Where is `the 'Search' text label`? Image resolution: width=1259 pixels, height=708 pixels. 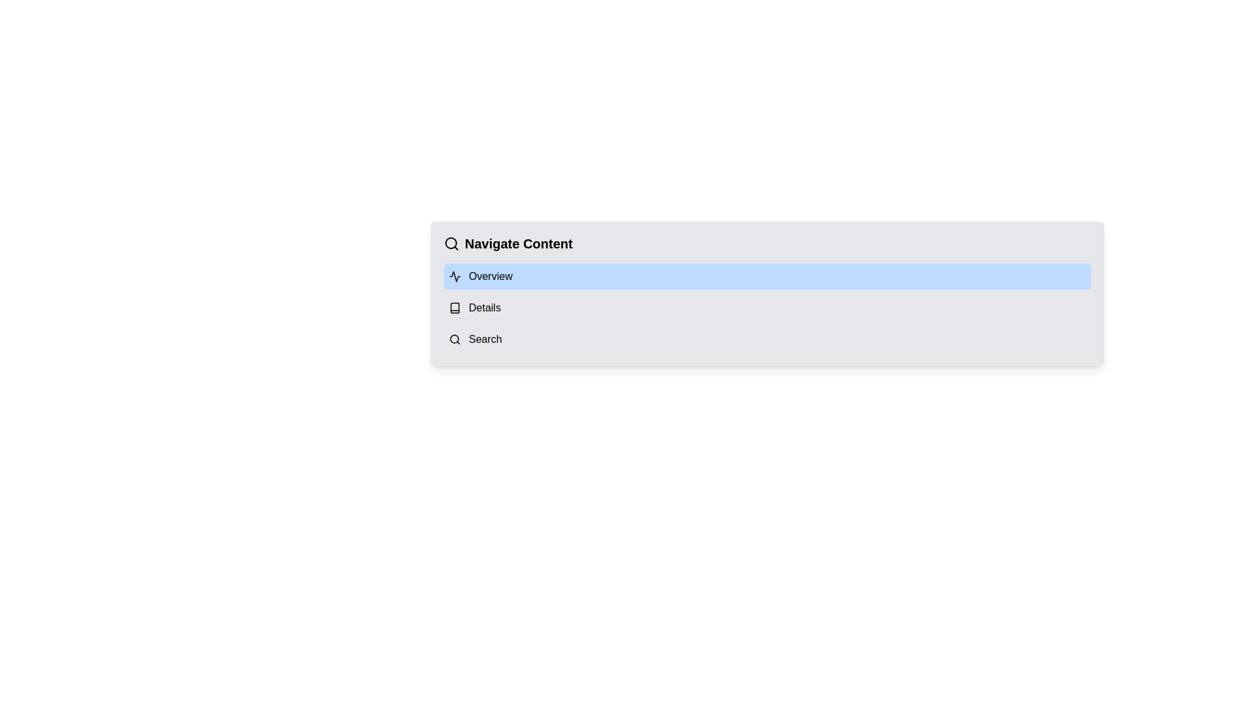 the 'Search' text label is located at coordinates (485, 338).